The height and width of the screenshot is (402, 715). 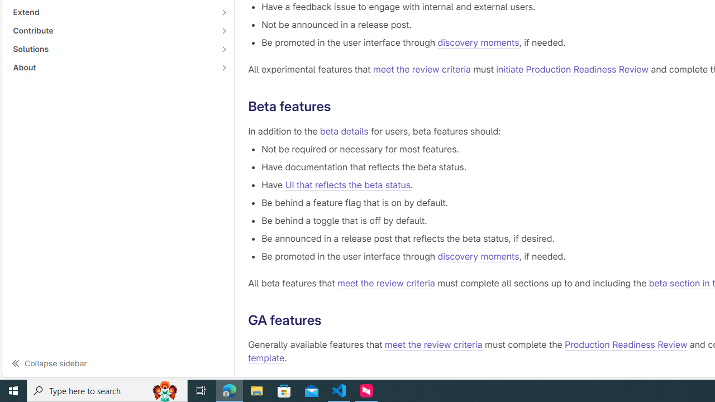 What do you see at coordinates (118, 363) in the screenshot?
I see `'Collapse sidebar'` at bounding box center [118, 363].